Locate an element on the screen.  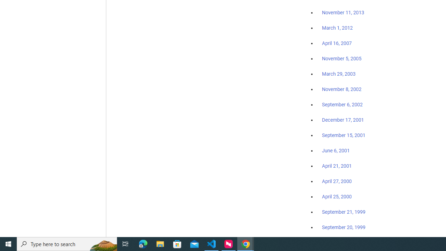
'April 21, 2001' is located at coordinates (337, 166).